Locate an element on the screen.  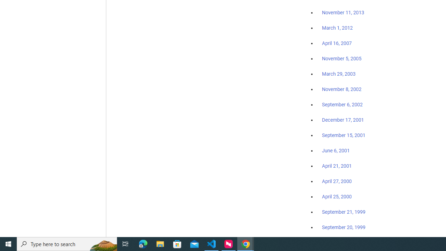
'April 21, 2001' is located at coordinates (337, 166).